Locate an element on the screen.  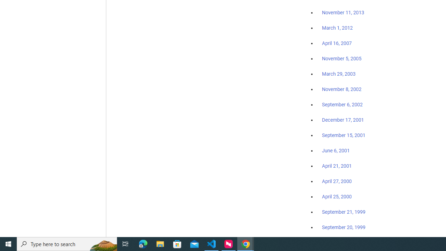
'April 21, 2001' is located at coordinates (337, 166).